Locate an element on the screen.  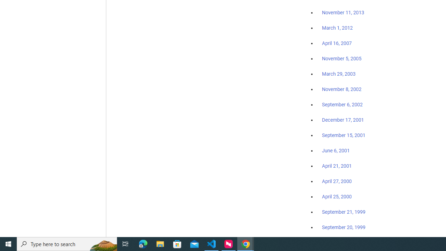
'April 21, 2001' is located at coordinates (337, 166).